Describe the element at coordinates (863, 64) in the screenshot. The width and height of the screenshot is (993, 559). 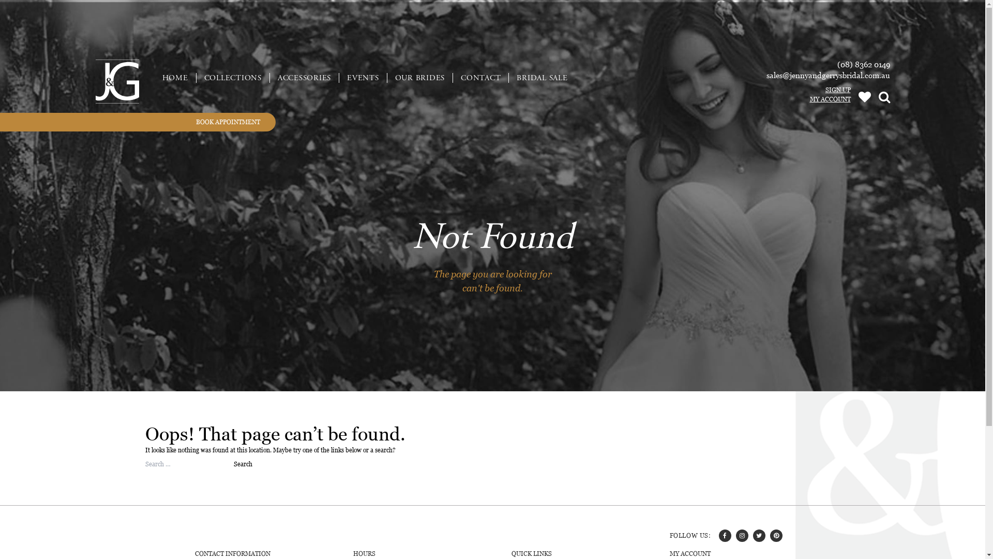
I see `'(08) 8362 0149'` at that location.